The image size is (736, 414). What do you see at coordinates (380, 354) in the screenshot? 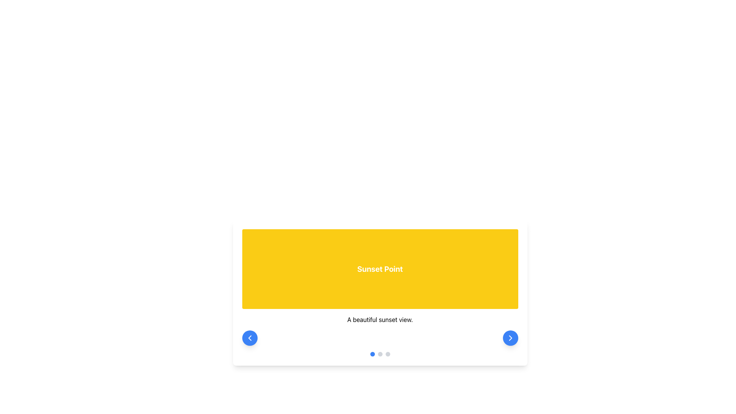
I see `the second gray circular Navigation Dot button located at the bottom-center of the interface` at bounding box center [380, 354].